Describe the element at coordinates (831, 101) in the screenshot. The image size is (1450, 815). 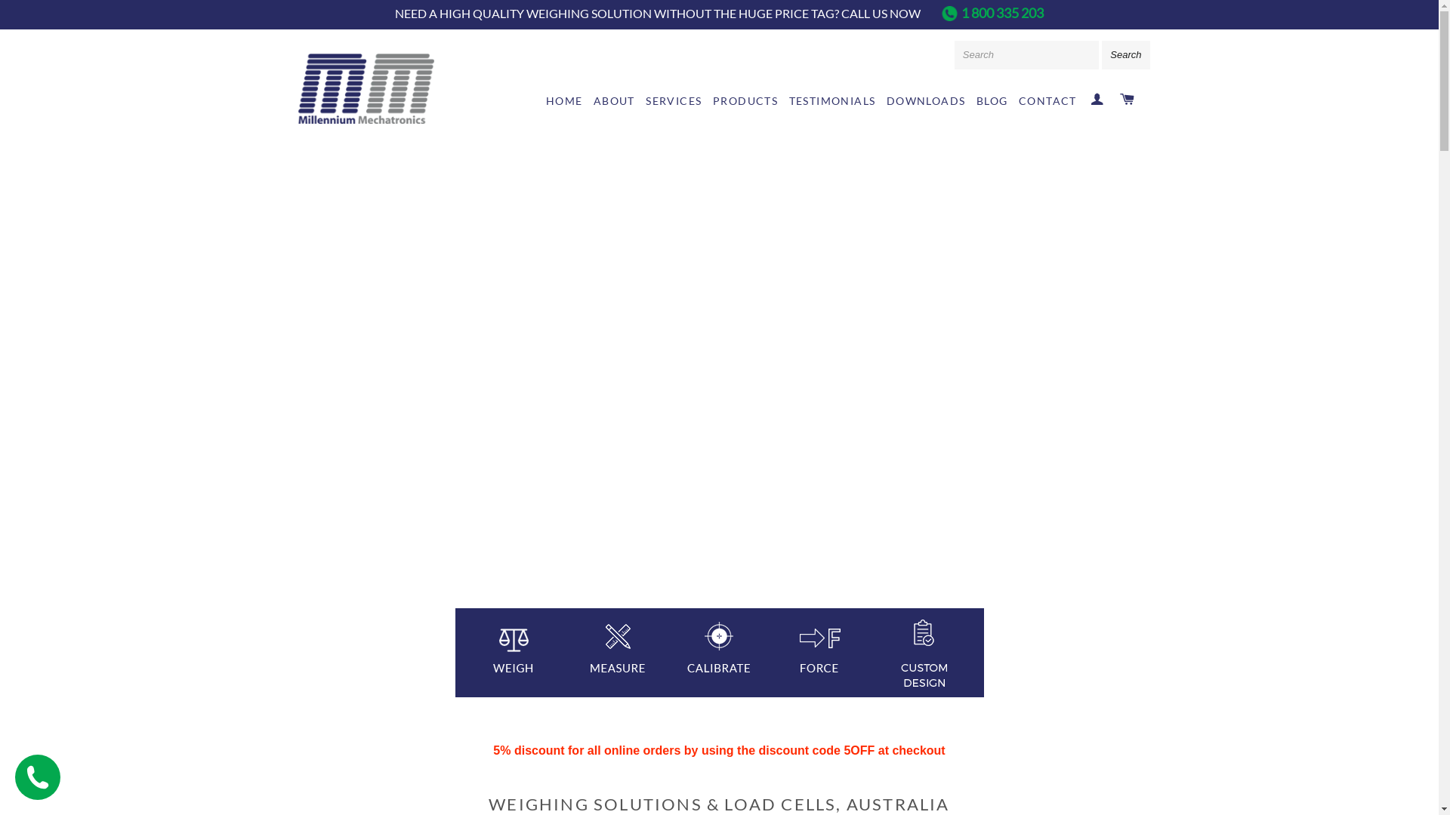
I see `'TESTIMONIALS'` at that location.